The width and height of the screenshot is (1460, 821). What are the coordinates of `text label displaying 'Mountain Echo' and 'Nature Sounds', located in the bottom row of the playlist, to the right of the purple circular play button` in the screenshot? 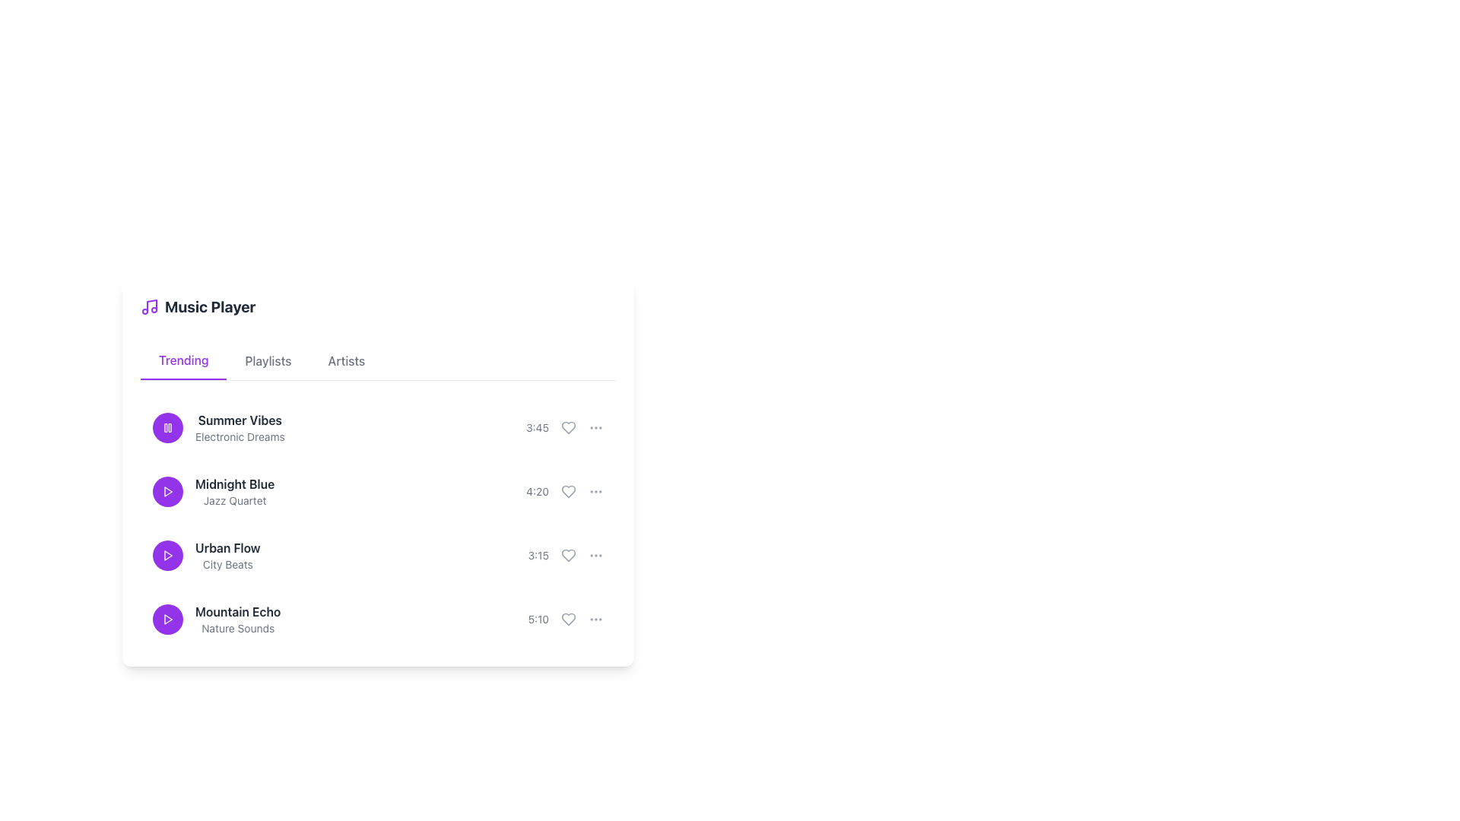 It's located at (237, 619).